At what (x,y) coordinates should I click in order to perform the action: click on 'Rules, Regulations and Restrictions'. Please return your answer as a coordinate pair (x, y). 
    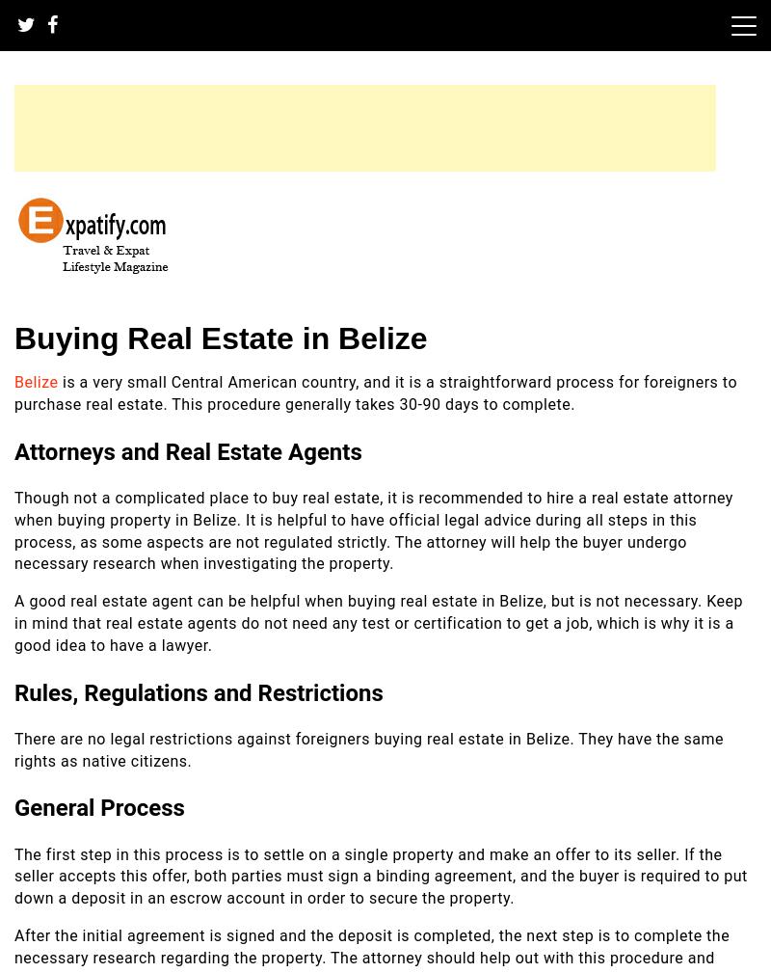
    Looking at the image, I should click on (199, 692).